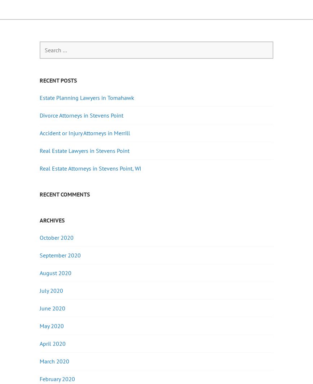  I want to click on 'August 2020', so click(55, 273).